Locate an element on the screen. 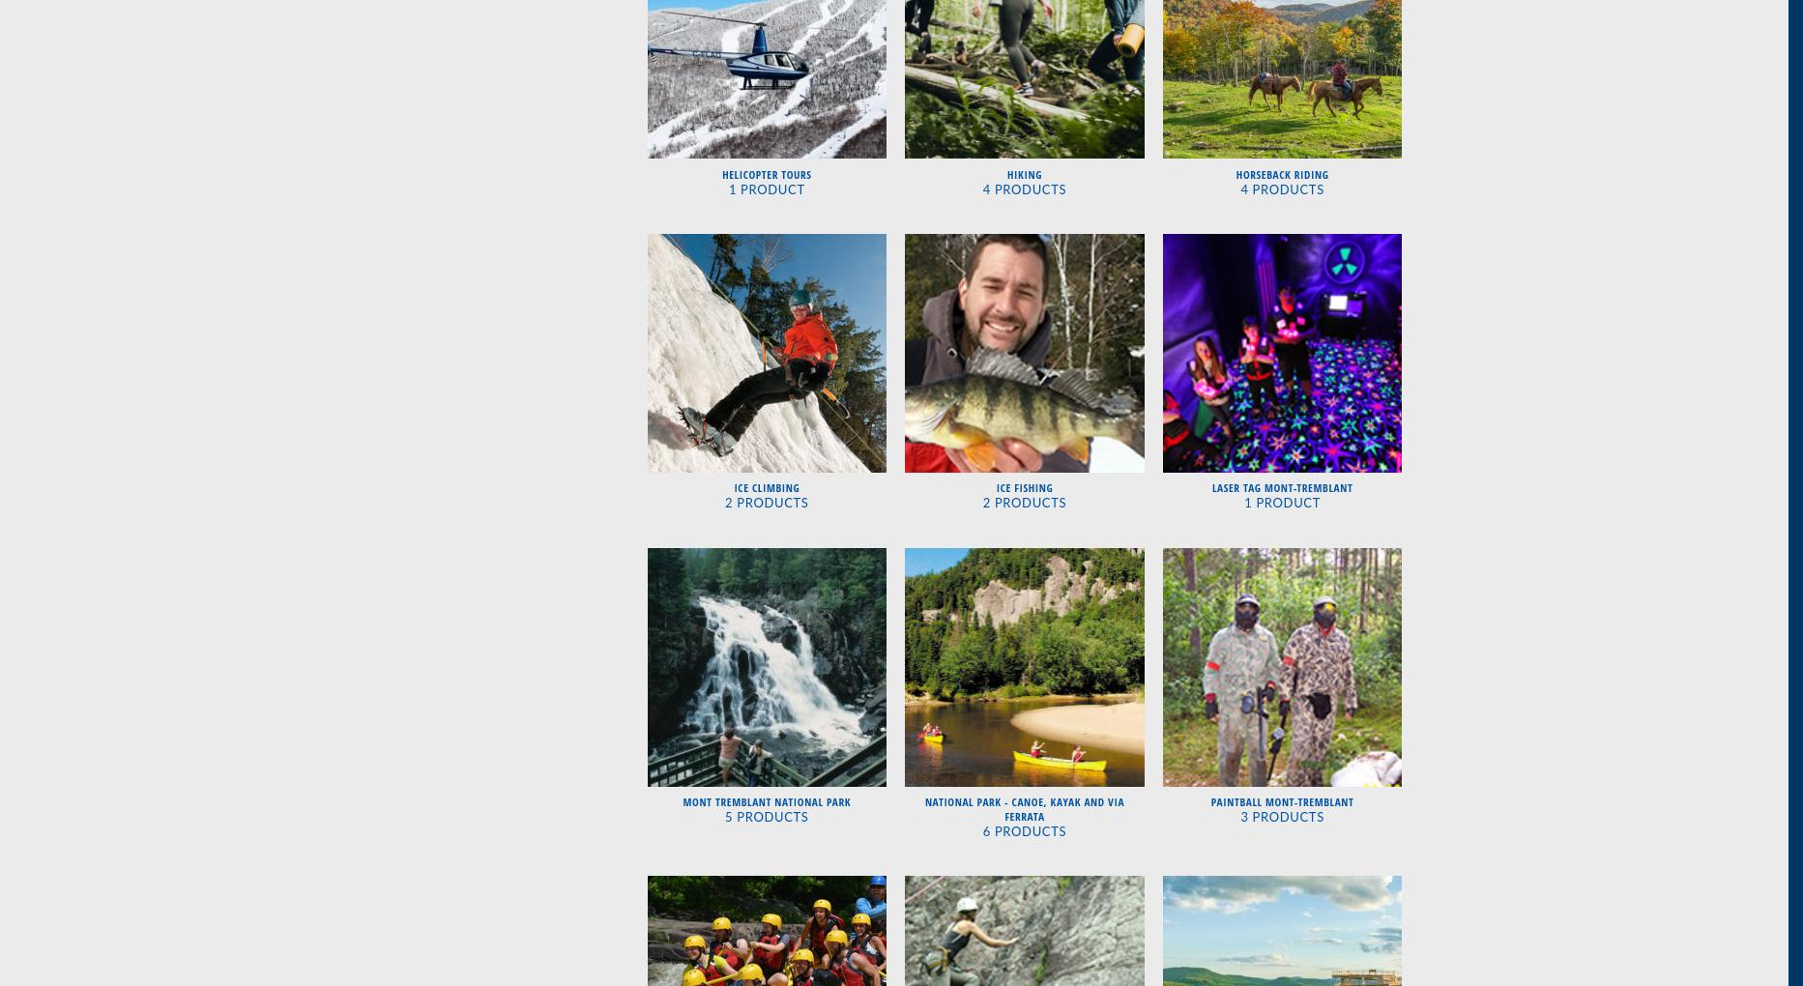  'Paintball Mont-Tremblant' is located at coordinates (1209, 800).